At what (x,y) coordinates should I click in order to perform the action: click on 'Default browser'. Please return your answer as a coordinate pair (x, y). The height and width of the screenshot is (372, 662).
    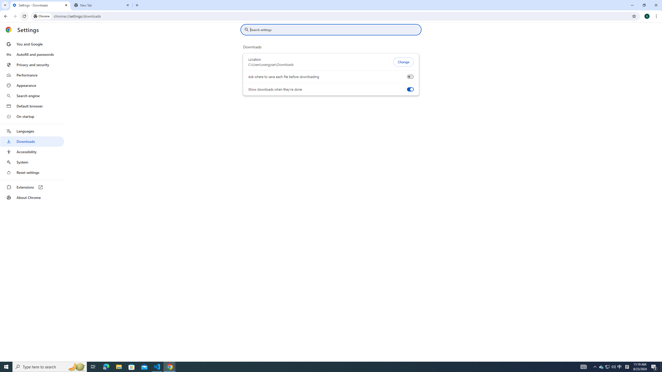
    Looking at the image, I should click on (32, 106).